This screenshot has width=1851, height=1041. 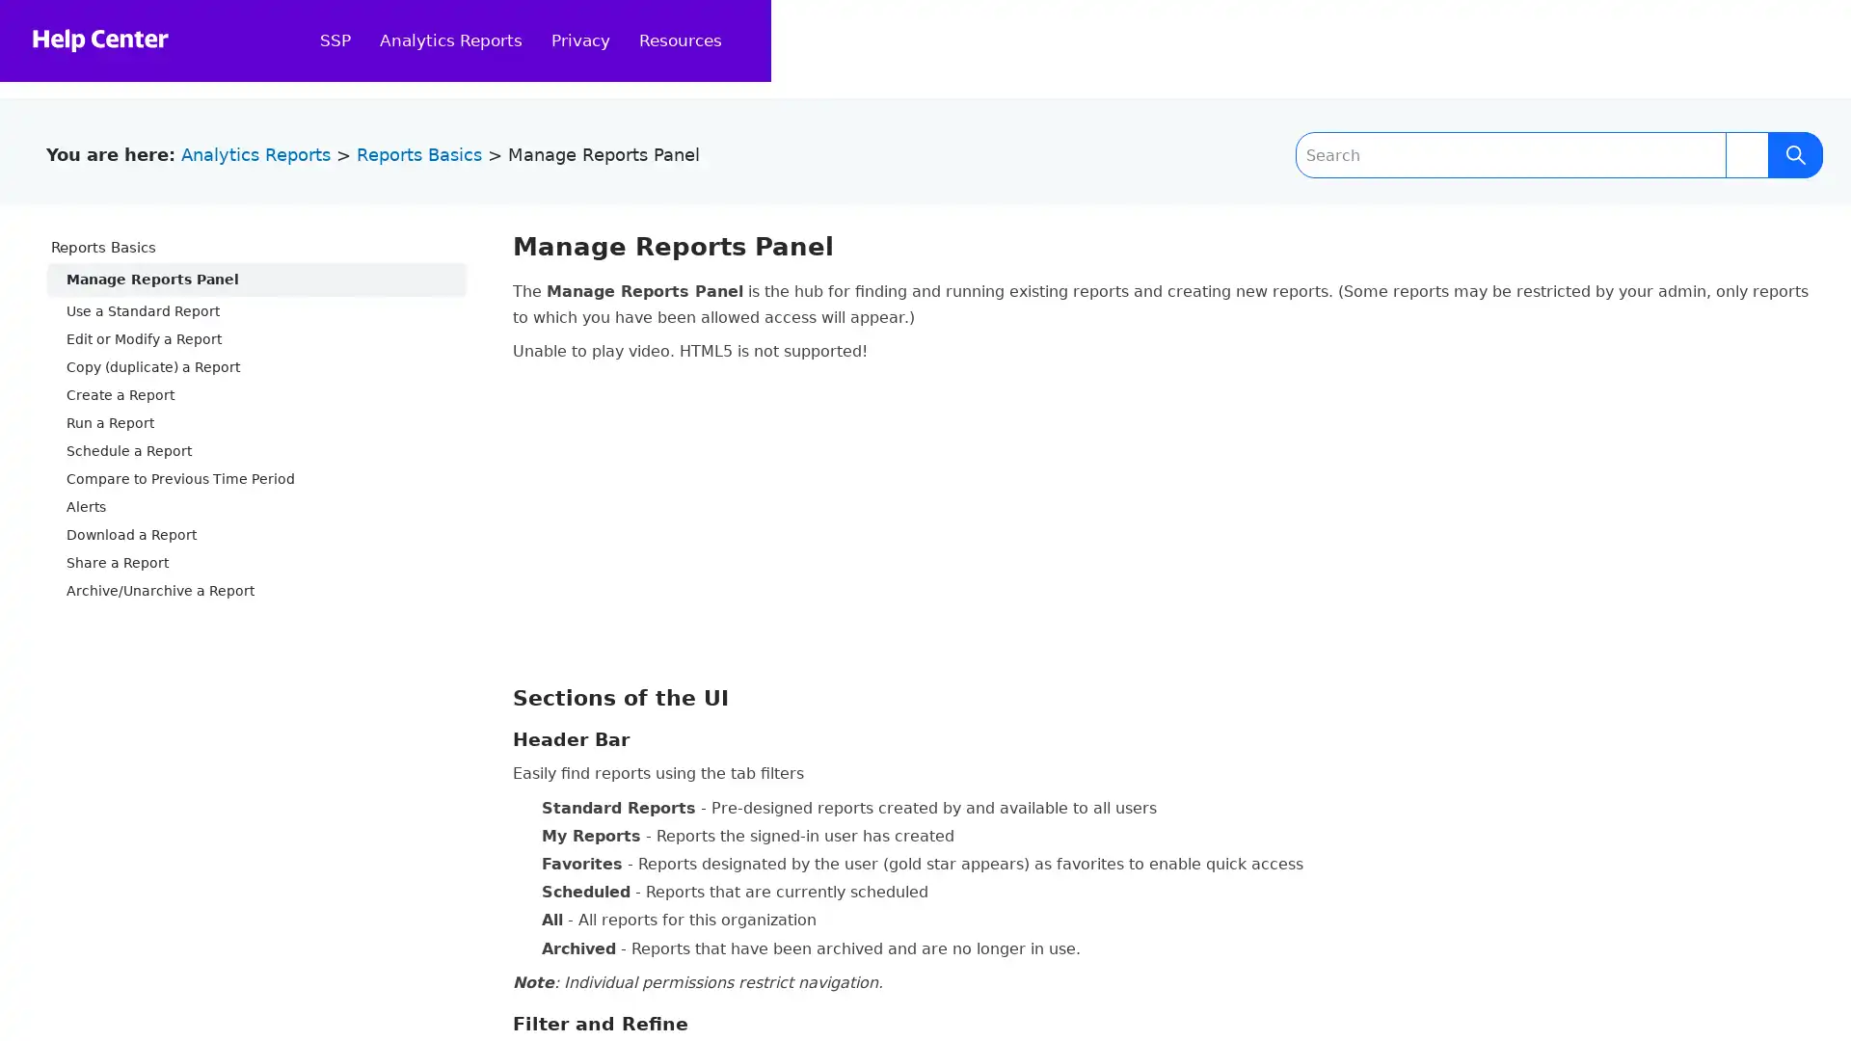 What do you see at coordinates (1794, 154) in the screenshot?
I see `Submit Search` at bounding box center [1794, 154].